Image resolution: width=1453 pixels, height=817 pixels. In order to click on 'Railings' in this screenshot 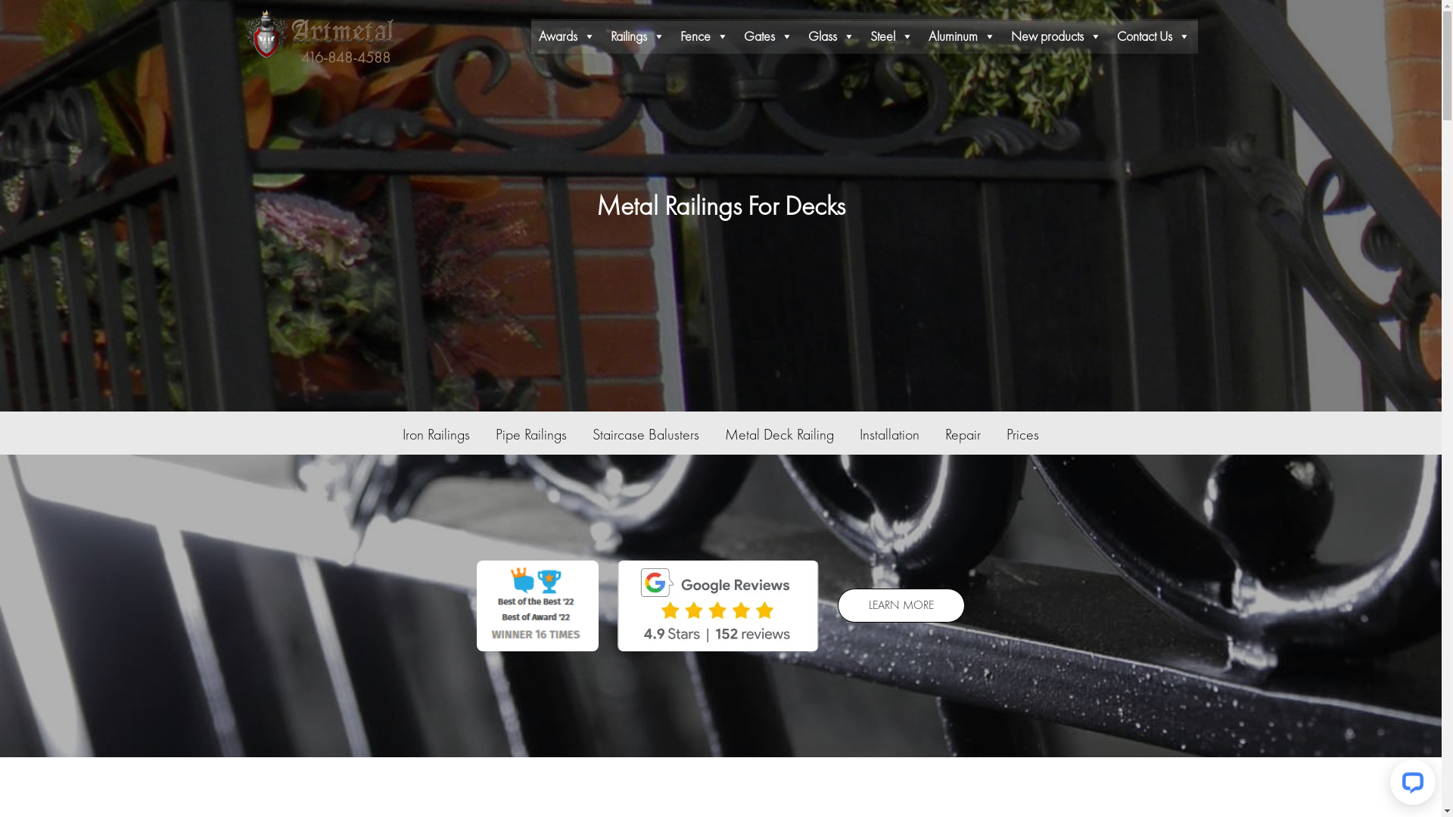, I will do `click(636, 35)`.